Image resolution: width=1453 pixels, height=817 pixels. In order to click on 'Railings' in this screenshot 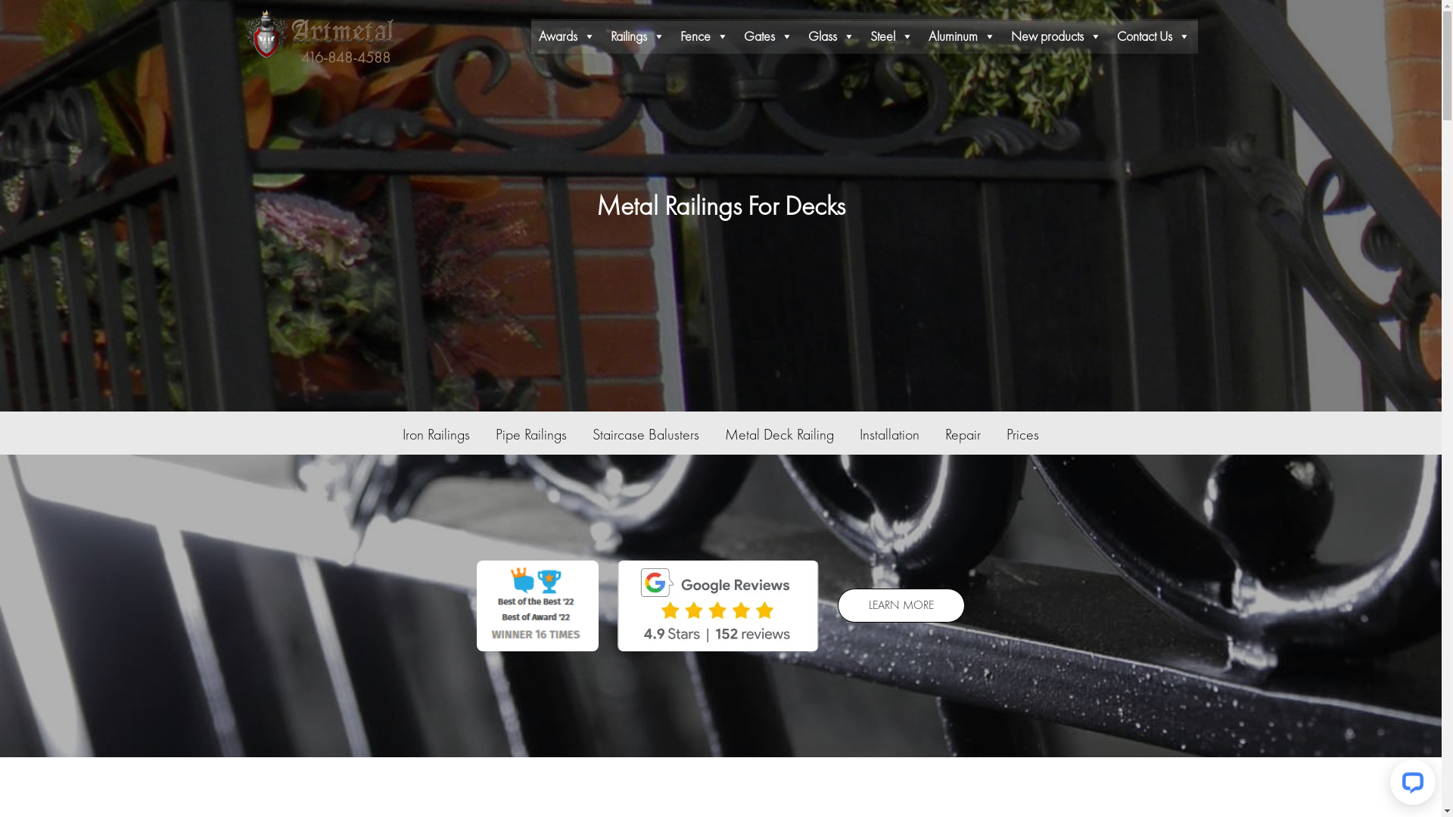, I will do `click(636, 35)`.